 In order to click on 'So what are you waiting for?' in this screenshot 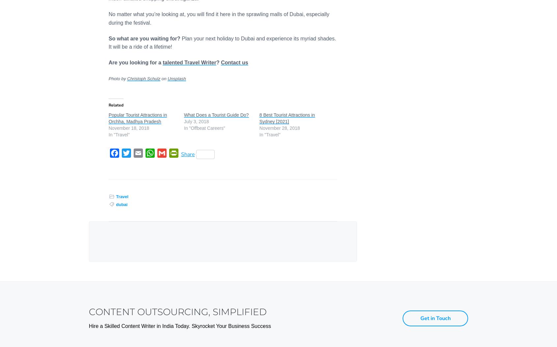, I will do `click(108, 38)`.